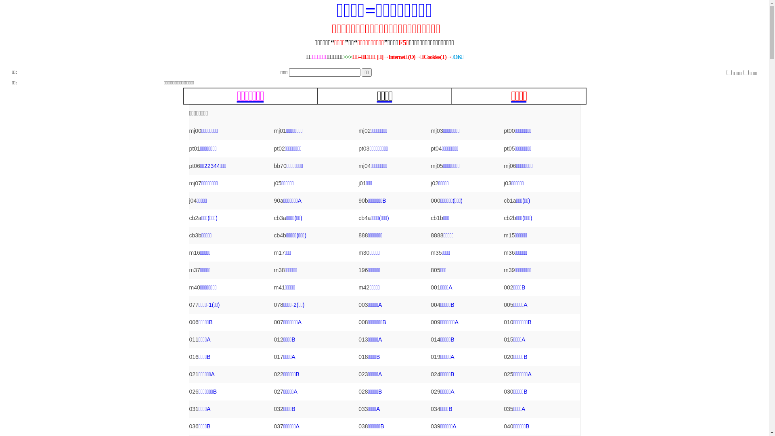 This screenshot has width=775, height=436. I want to click on 'bb70', so click(280, 166).